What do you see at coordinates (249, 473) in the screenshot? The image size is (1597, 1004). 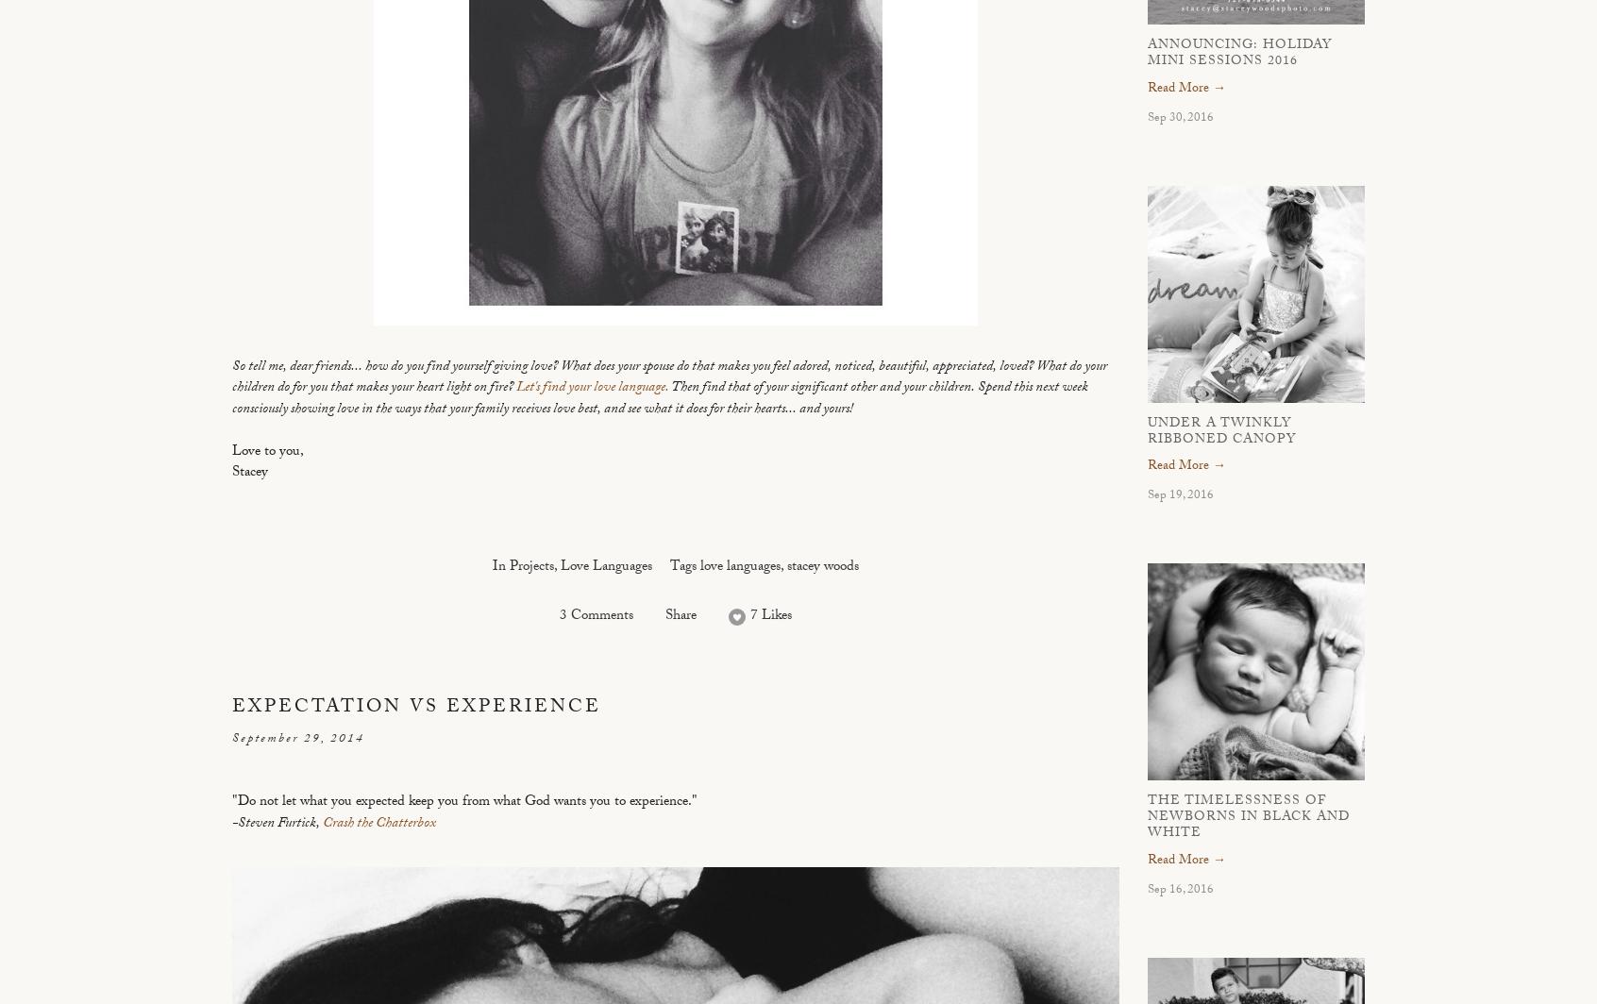 I see `'Stacey'` at bounding box center [249, 473].